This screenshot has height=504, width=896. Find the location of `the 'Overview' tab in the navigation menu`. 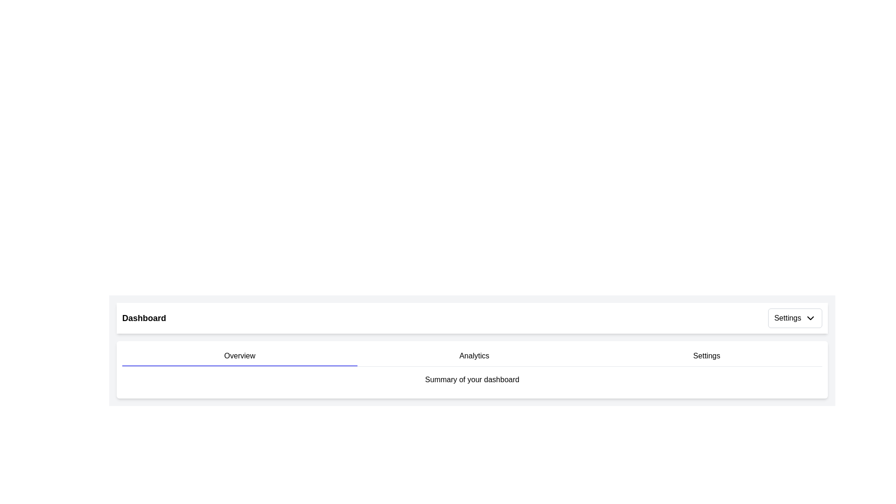

the 'Overview' tab in the navigation menu is located at coordinates (239, 356).